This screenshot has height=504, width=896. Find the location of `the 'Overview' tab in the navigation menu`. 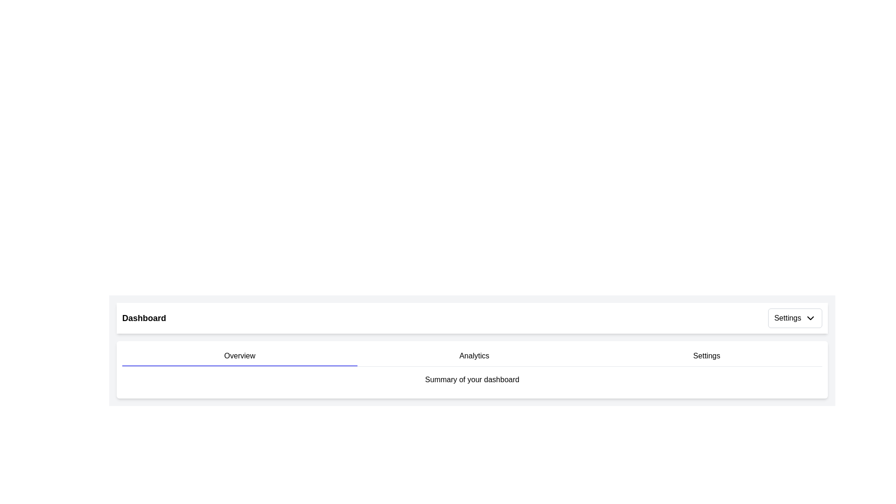

the 'Overview' tab in the navigation menu is located at coordinates (239, 356).